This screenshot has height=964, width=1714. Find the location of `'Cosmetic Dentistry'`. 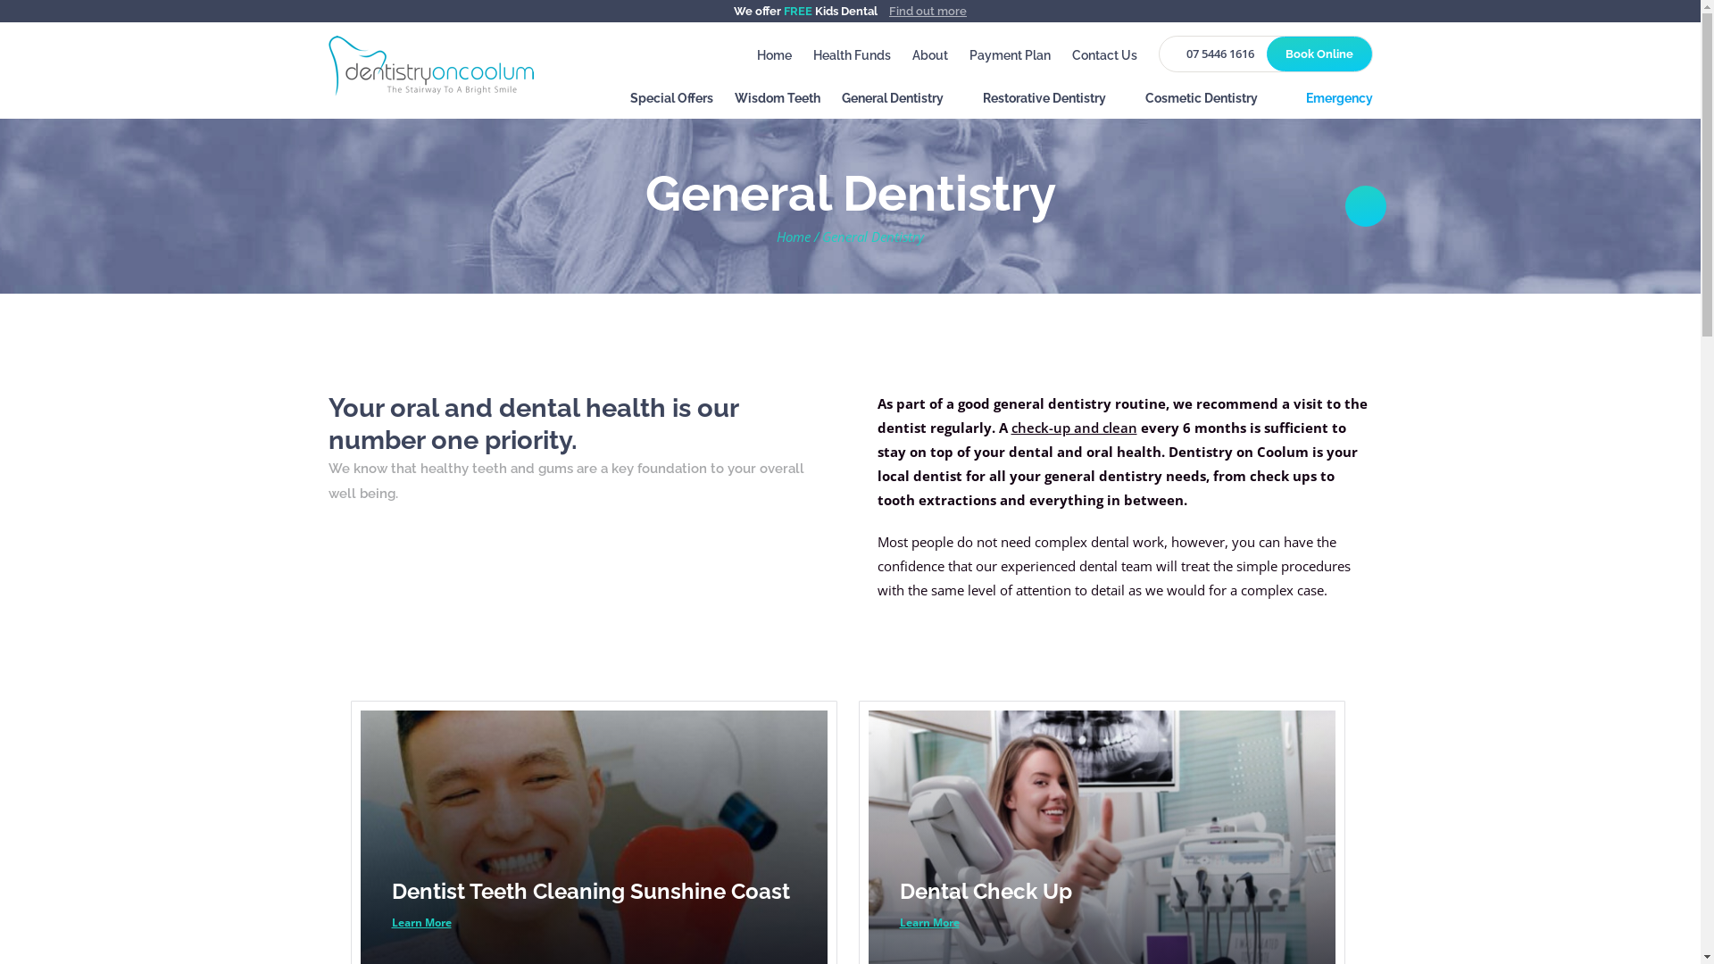

'Cosmetic Dentistry' is located at coordinates (1144, 103).